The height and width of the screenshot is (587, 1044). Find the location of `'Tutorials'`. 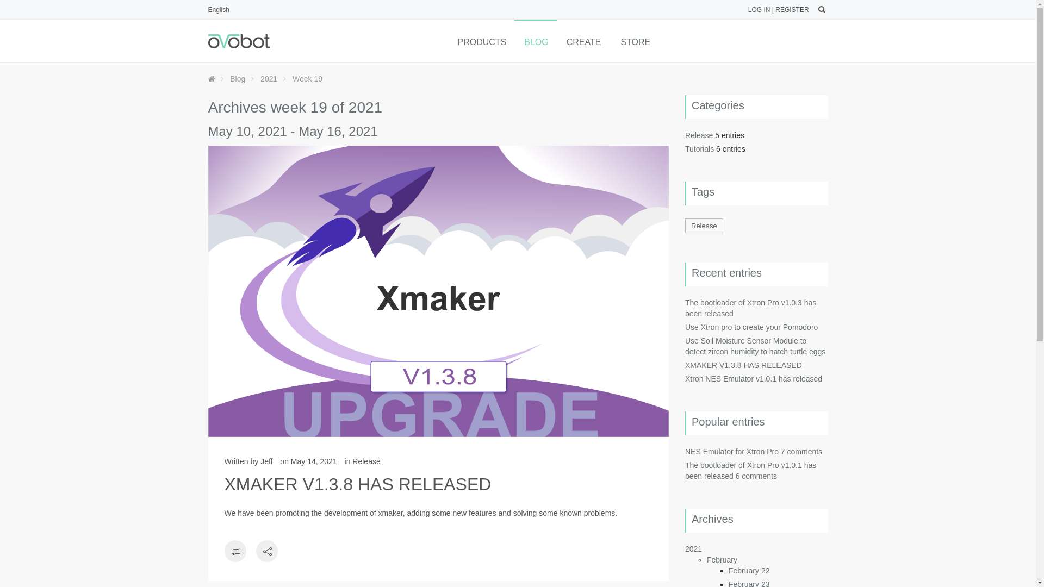

'Tutorials' is located at coordinates (699, 148).